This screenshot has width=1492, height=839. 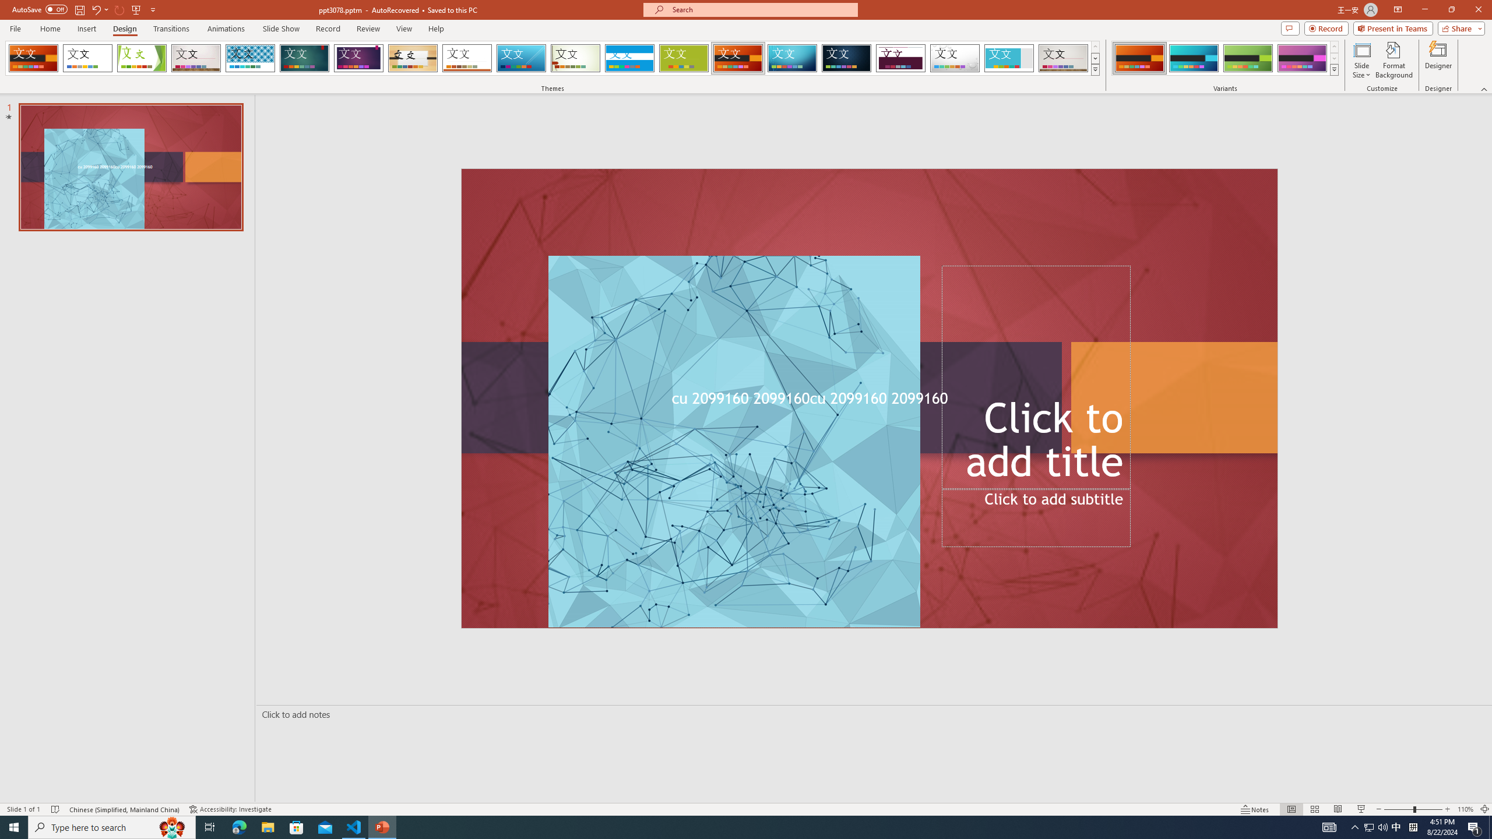 What do you see at coordinates (575, 58) in the screenshot?
I see `'Wisp'` at bounding box center [575, 58].